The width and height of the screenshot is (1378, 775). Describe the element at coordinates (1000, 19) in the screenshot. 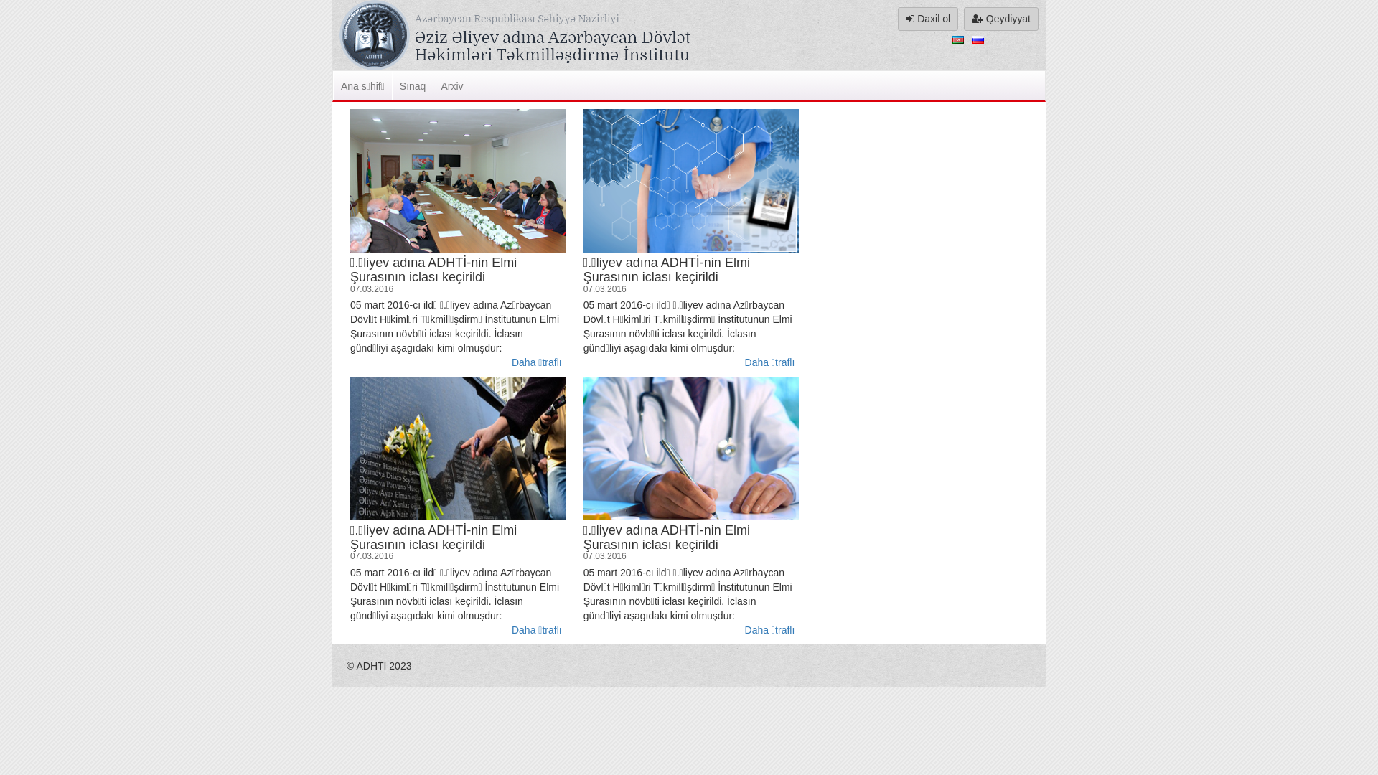

I see `' Qeydiyyat'` at that location.